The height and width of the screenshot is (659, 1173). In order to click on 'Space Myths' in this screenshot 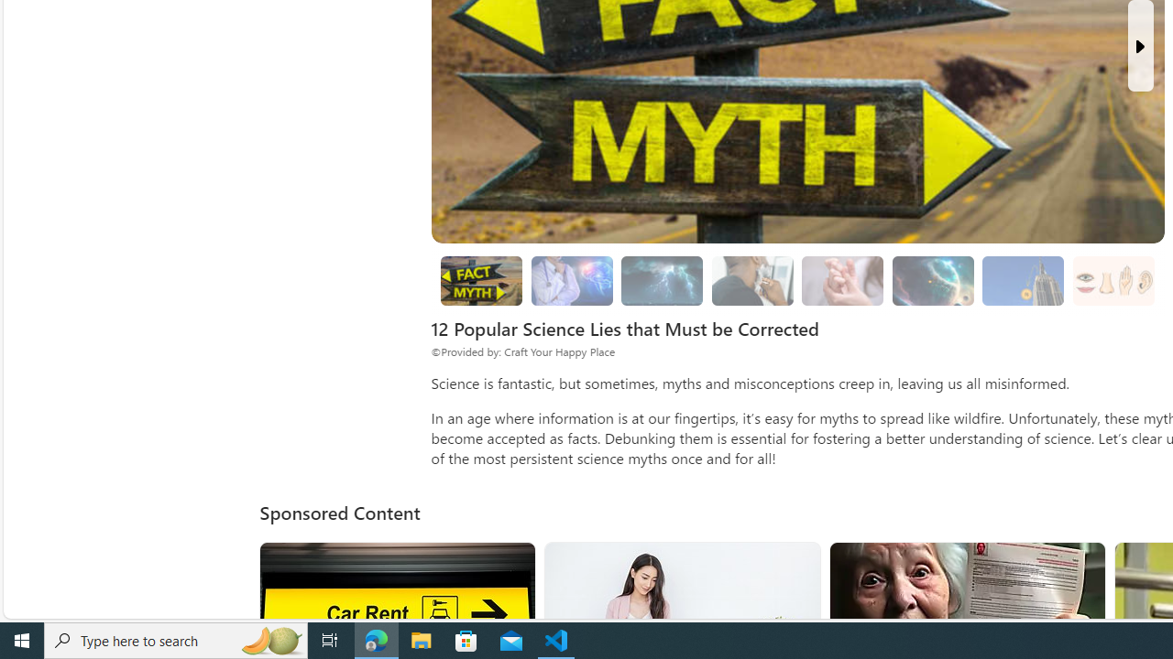, I will do `click(933, 281)`.